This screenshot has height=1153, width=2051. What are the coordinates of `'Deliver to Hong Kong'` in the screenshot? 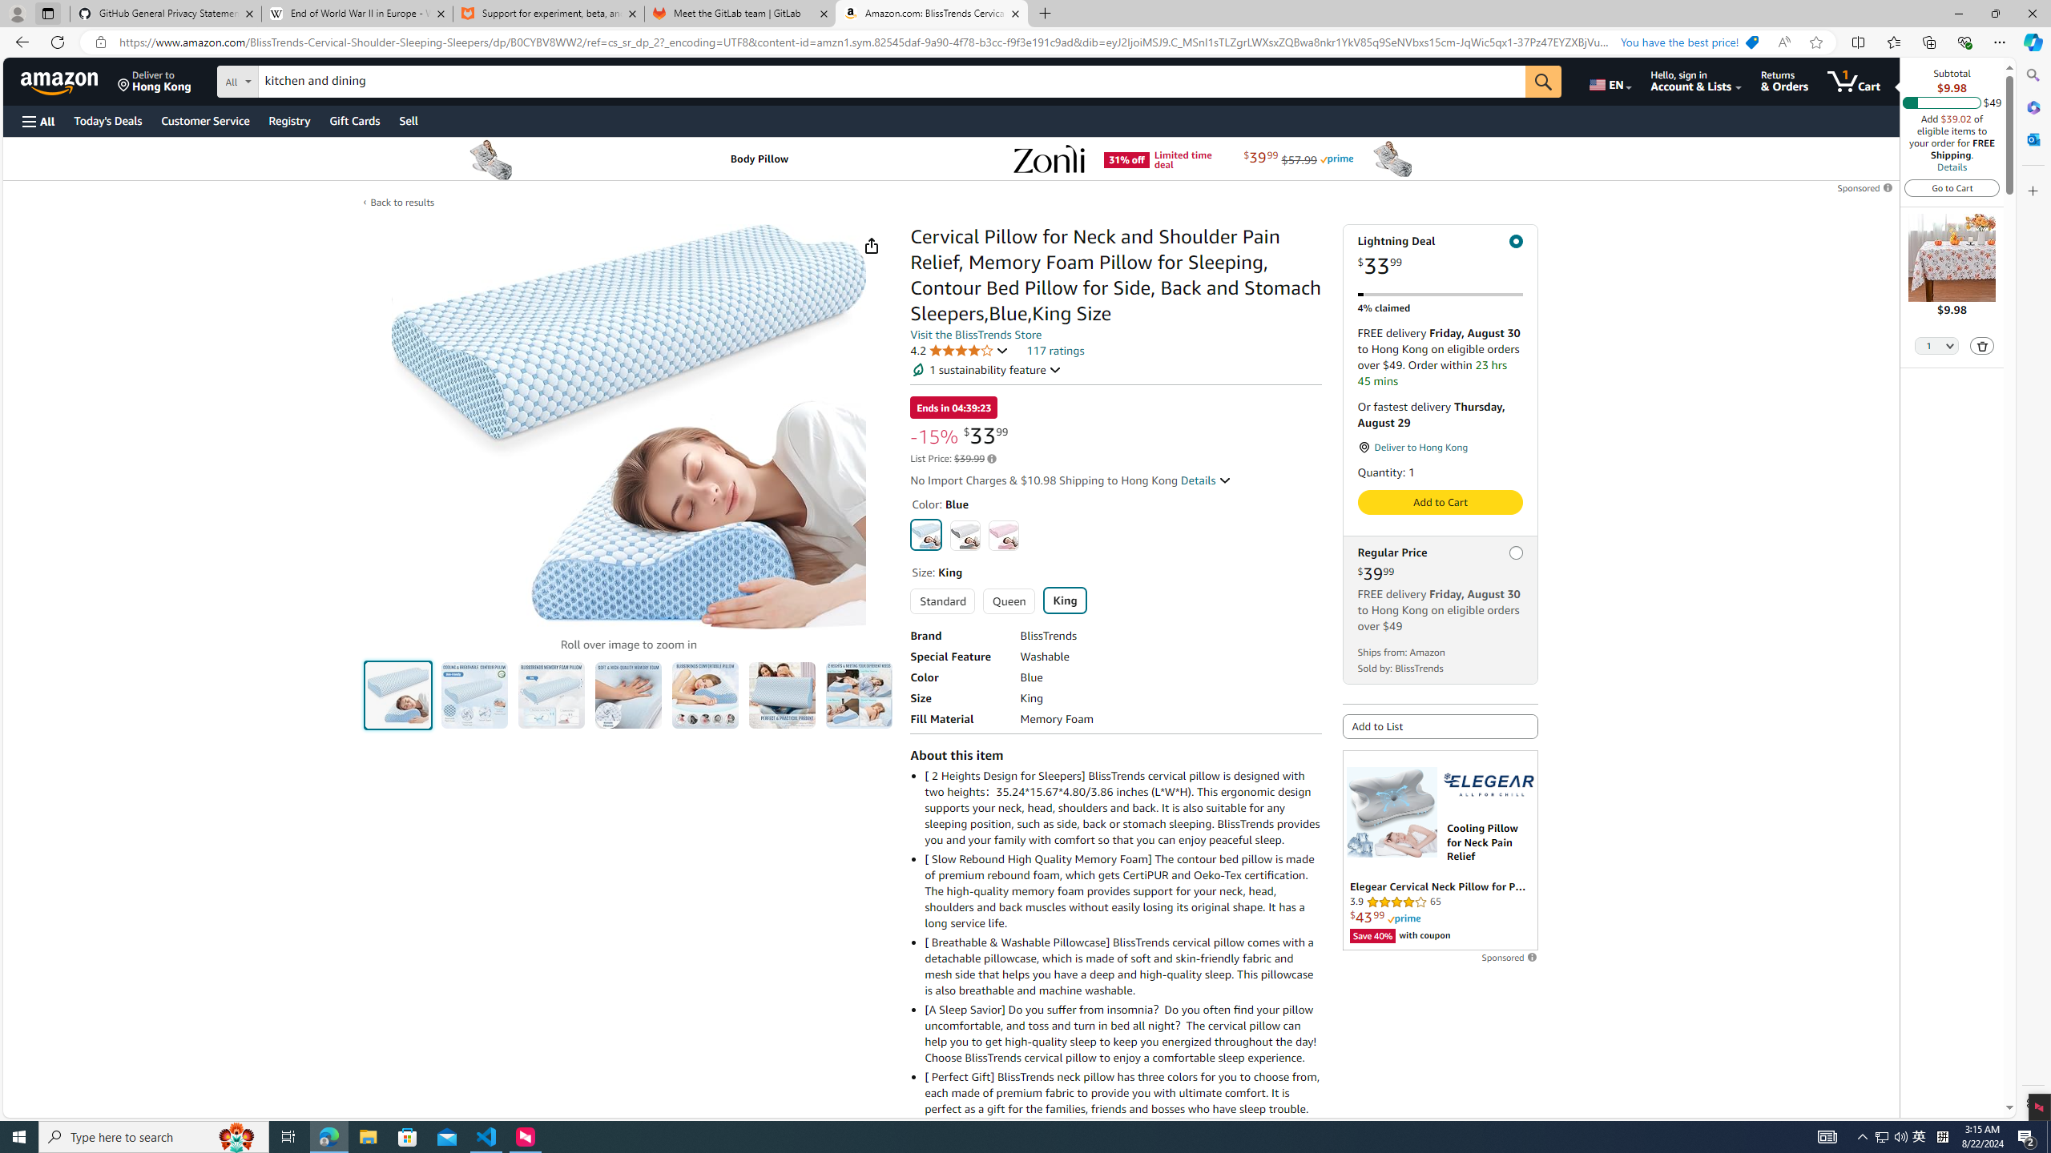 It's located at (154, 80).